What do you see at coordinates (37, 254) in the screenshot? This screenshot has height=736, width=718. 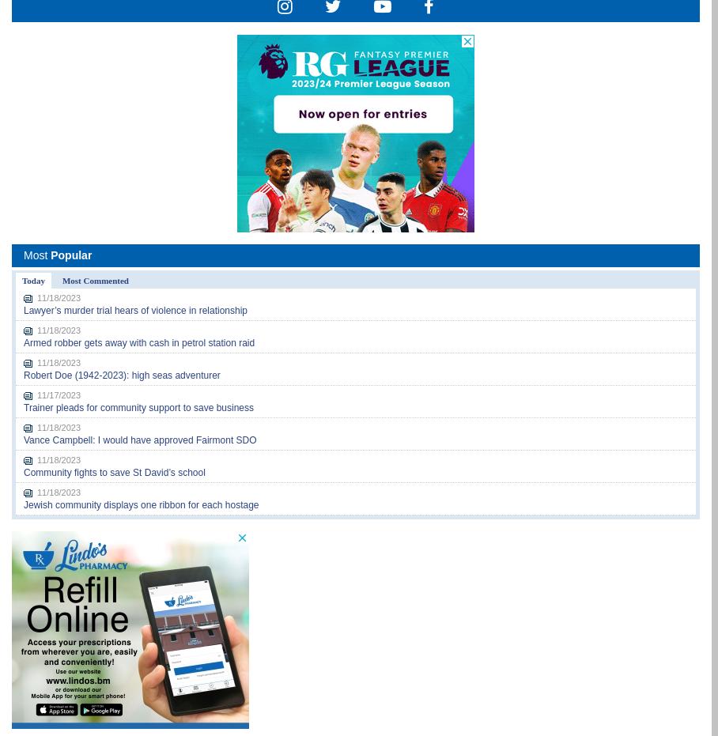 I see `'Most'` at bounding box center [37, 254].